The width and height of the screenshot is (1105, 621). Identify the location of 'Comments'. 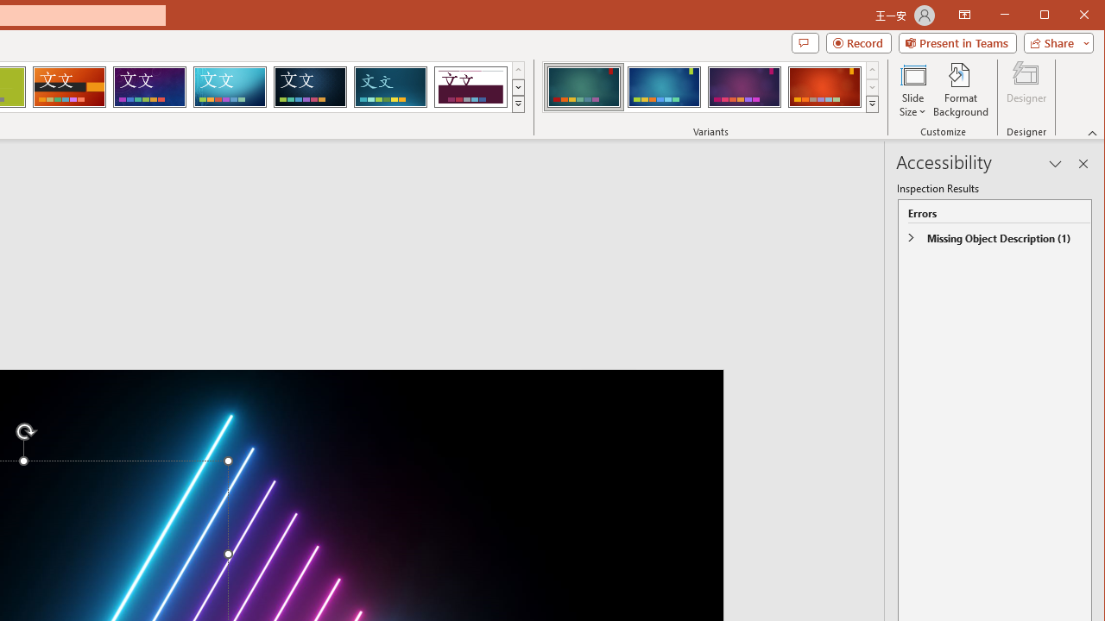
(804, 42).